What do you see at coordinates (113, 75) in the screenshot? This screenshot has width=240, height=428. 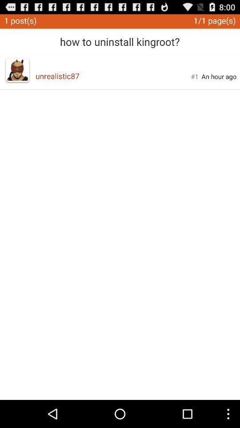 I see `the app below how to uninstall app` at bounding box center [113, 75].